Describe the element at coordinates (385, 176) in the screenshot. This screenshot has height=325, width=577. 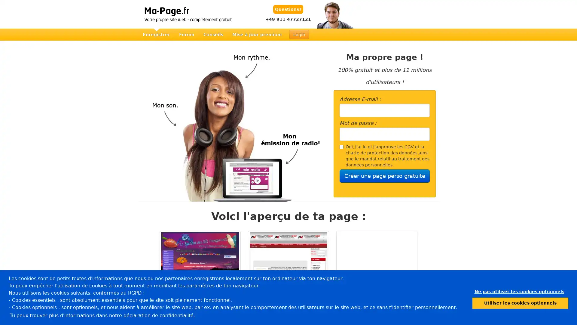
I see `Creer une page perso gratuite` at that location.